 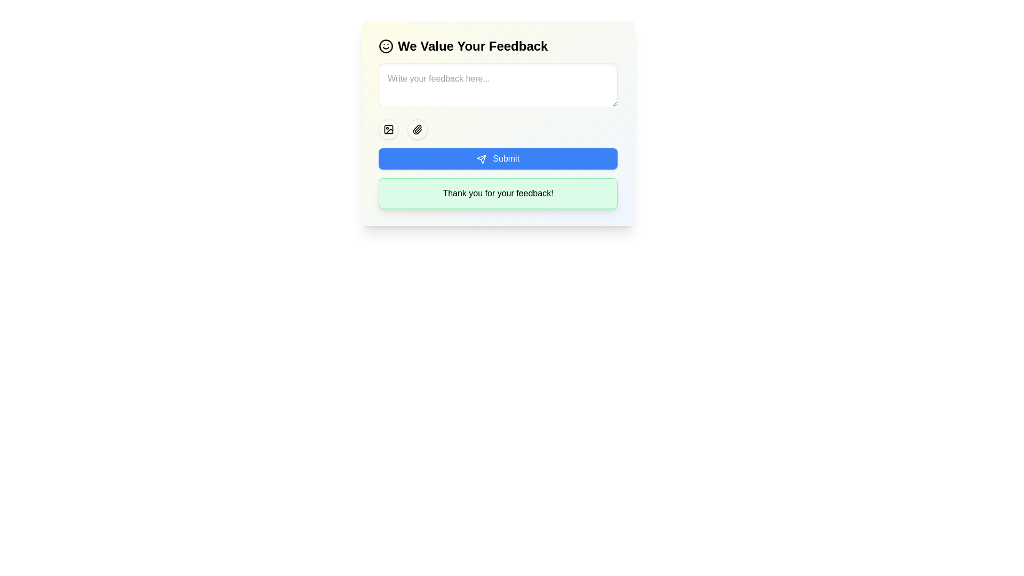 I want to click on the paperclip icon located below the feedback text input field, so click(x=417, y=129).